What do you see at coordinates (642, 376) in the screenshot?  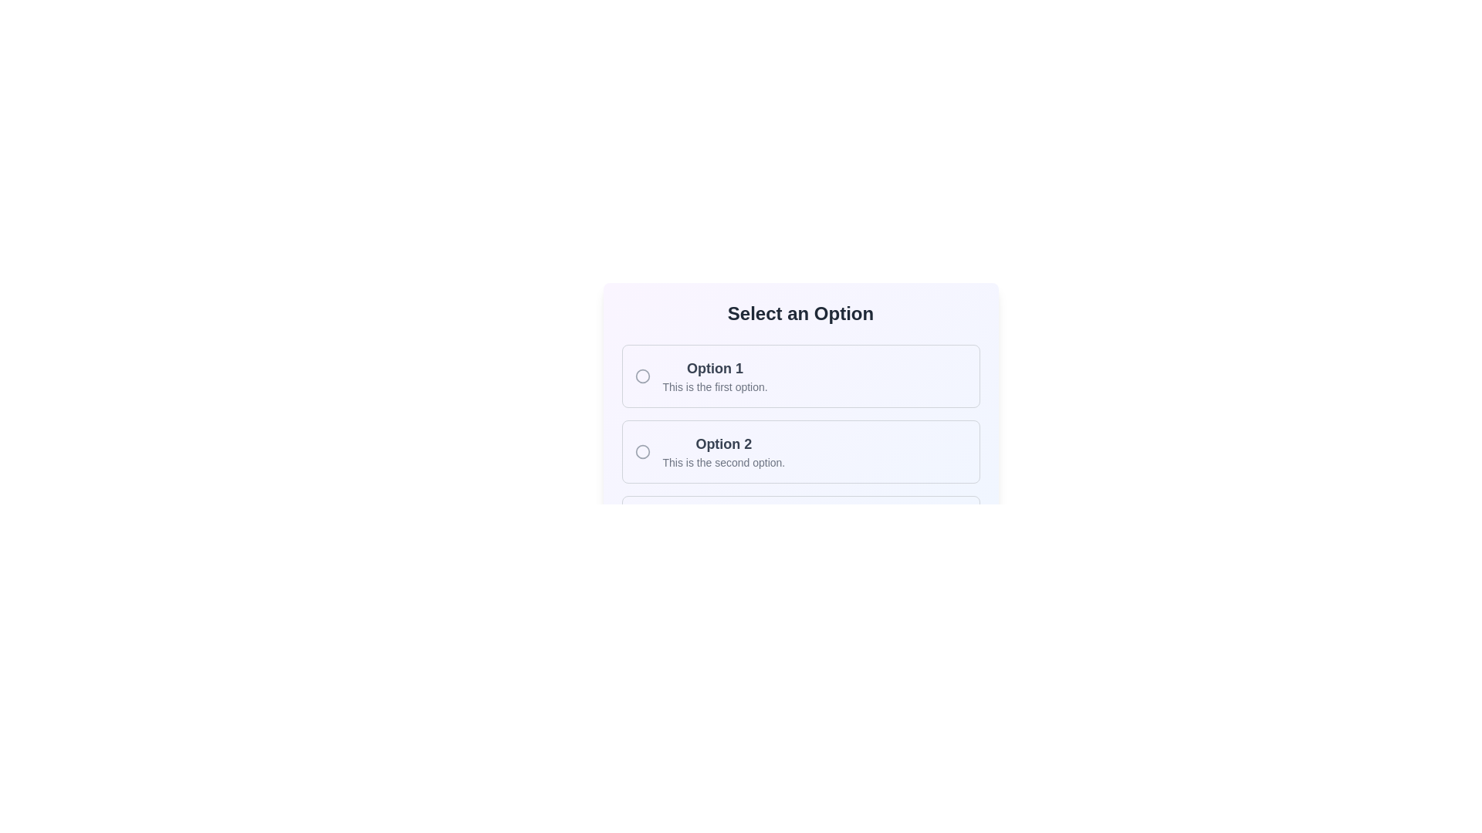 I see `the circular icon with a gray outline positioned to the left of the label 'Option 1'` at bounding box center [642, 376].